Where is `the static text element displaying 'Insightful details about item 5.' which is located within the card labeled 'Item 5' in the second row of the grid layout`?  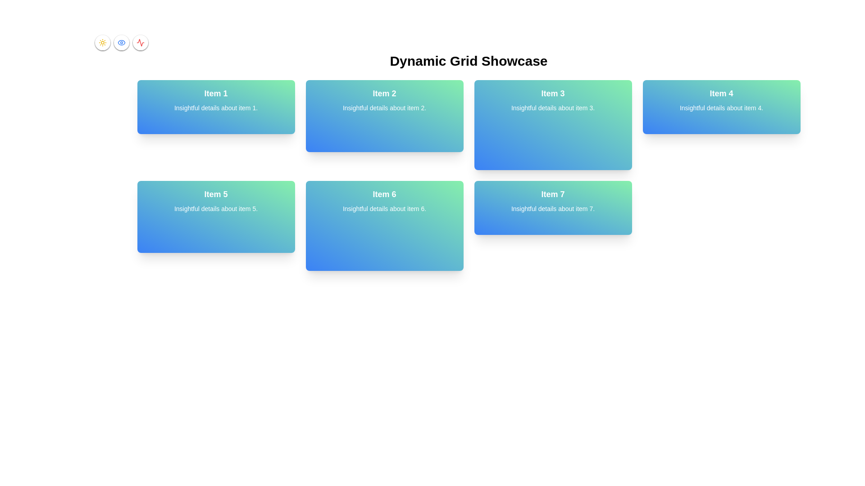
the static text element displaying 'Insightful details about item 5.' which is located within the card labeled 'Item 5' in the second row of the grid layout is located at coordinates (215, 208).